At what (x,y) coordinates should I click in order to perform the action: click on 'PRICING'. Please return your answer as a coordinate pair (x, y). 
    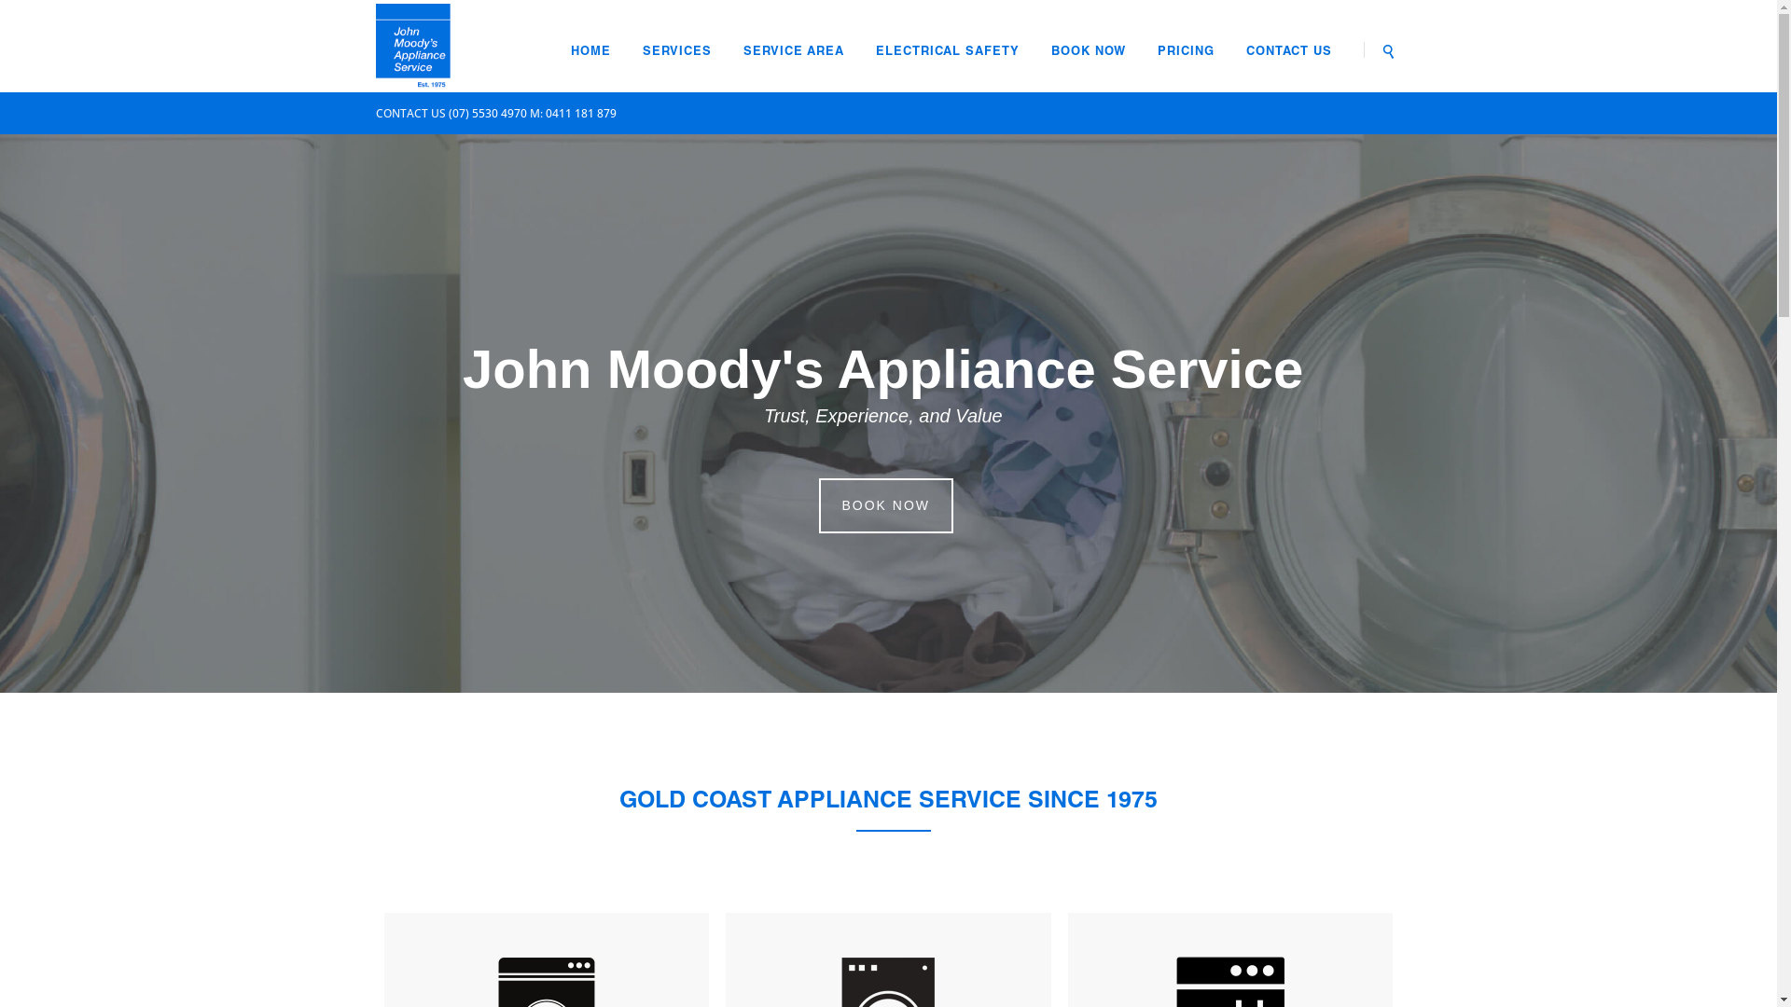
    Looking at the image, I should click on (1185, 51).